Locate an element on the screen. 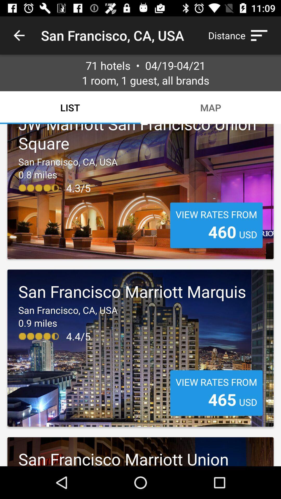 This screenshot has height=499, width=281. item above 71 hotels 04 is located at coordinates (19, 35).